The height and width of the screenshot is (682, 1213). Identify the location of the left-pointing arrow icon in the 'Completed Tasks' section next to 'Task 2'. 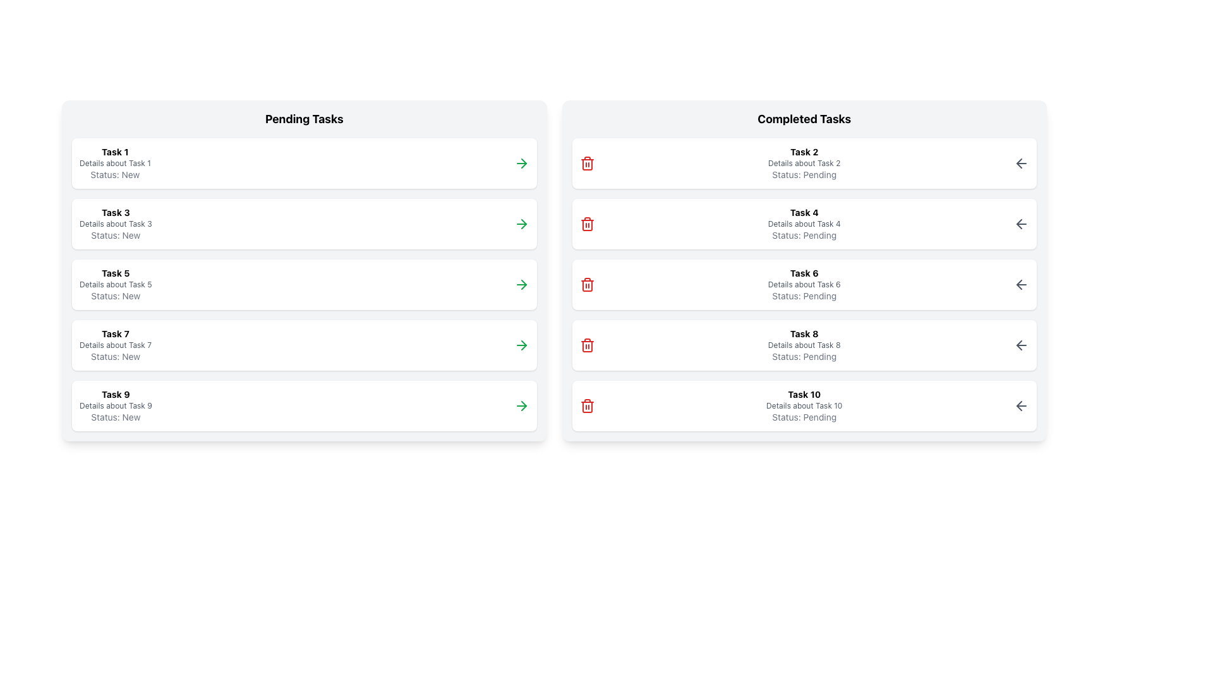
(1019, 162).